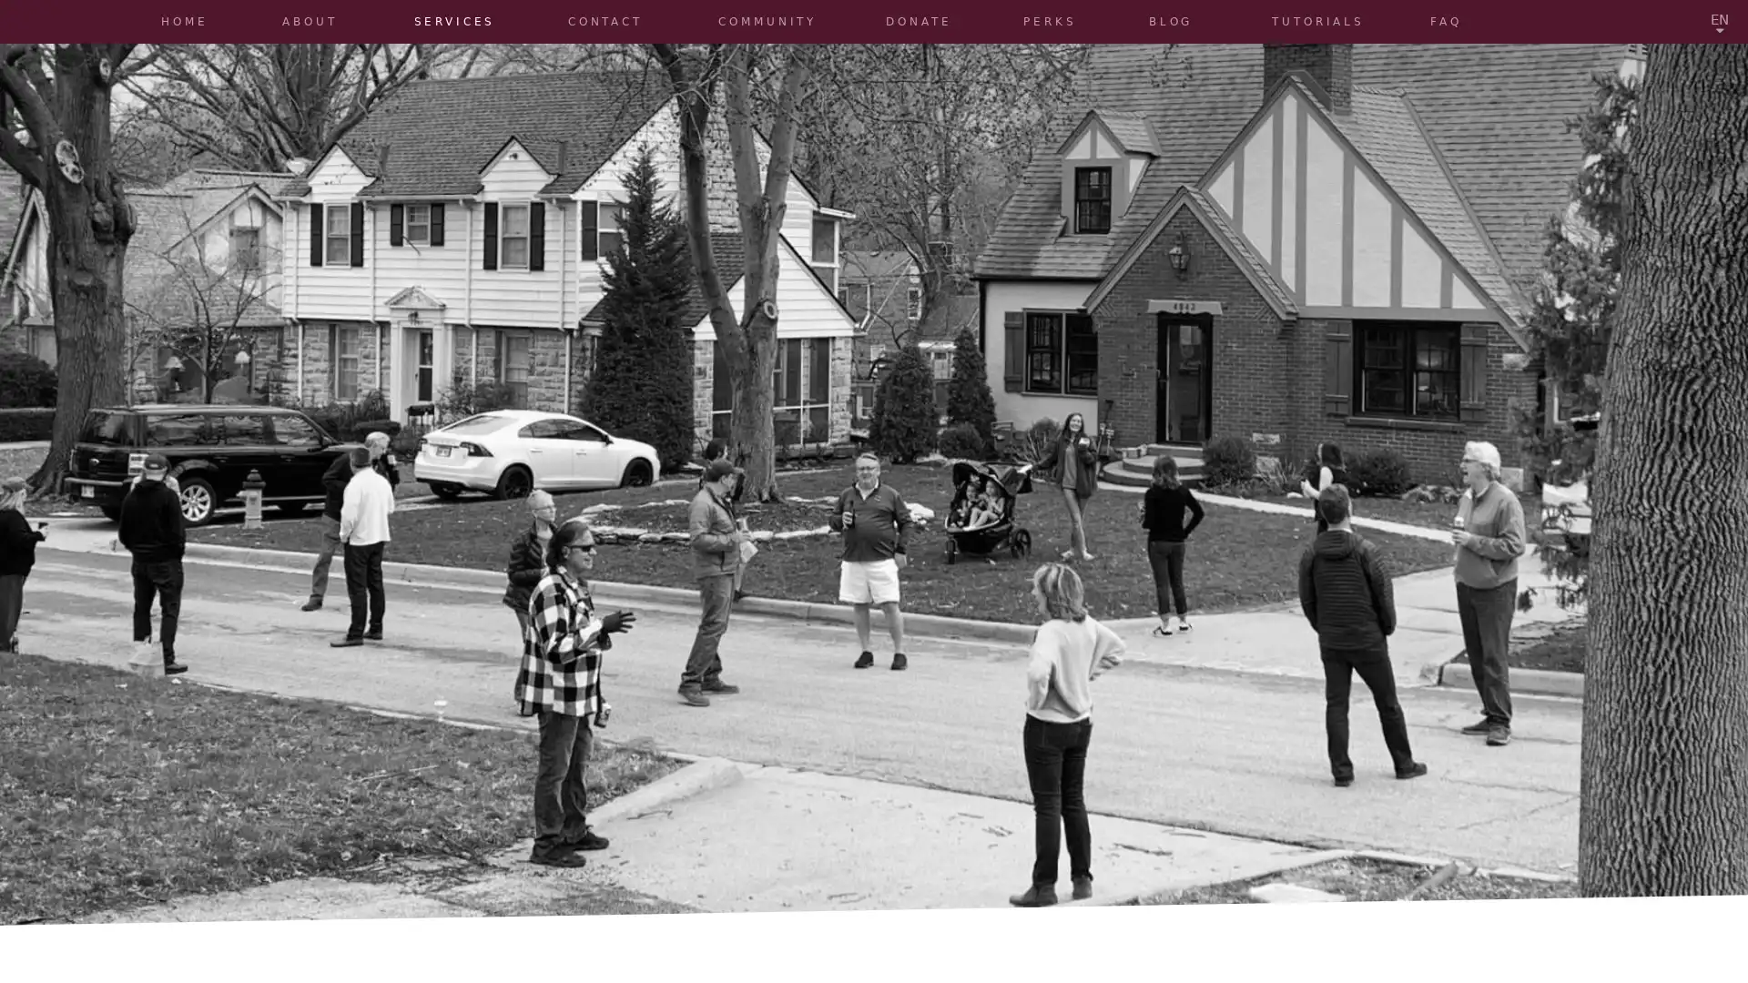 The image size is (1748, 983). I want to click on EN, so click(1719, 19).